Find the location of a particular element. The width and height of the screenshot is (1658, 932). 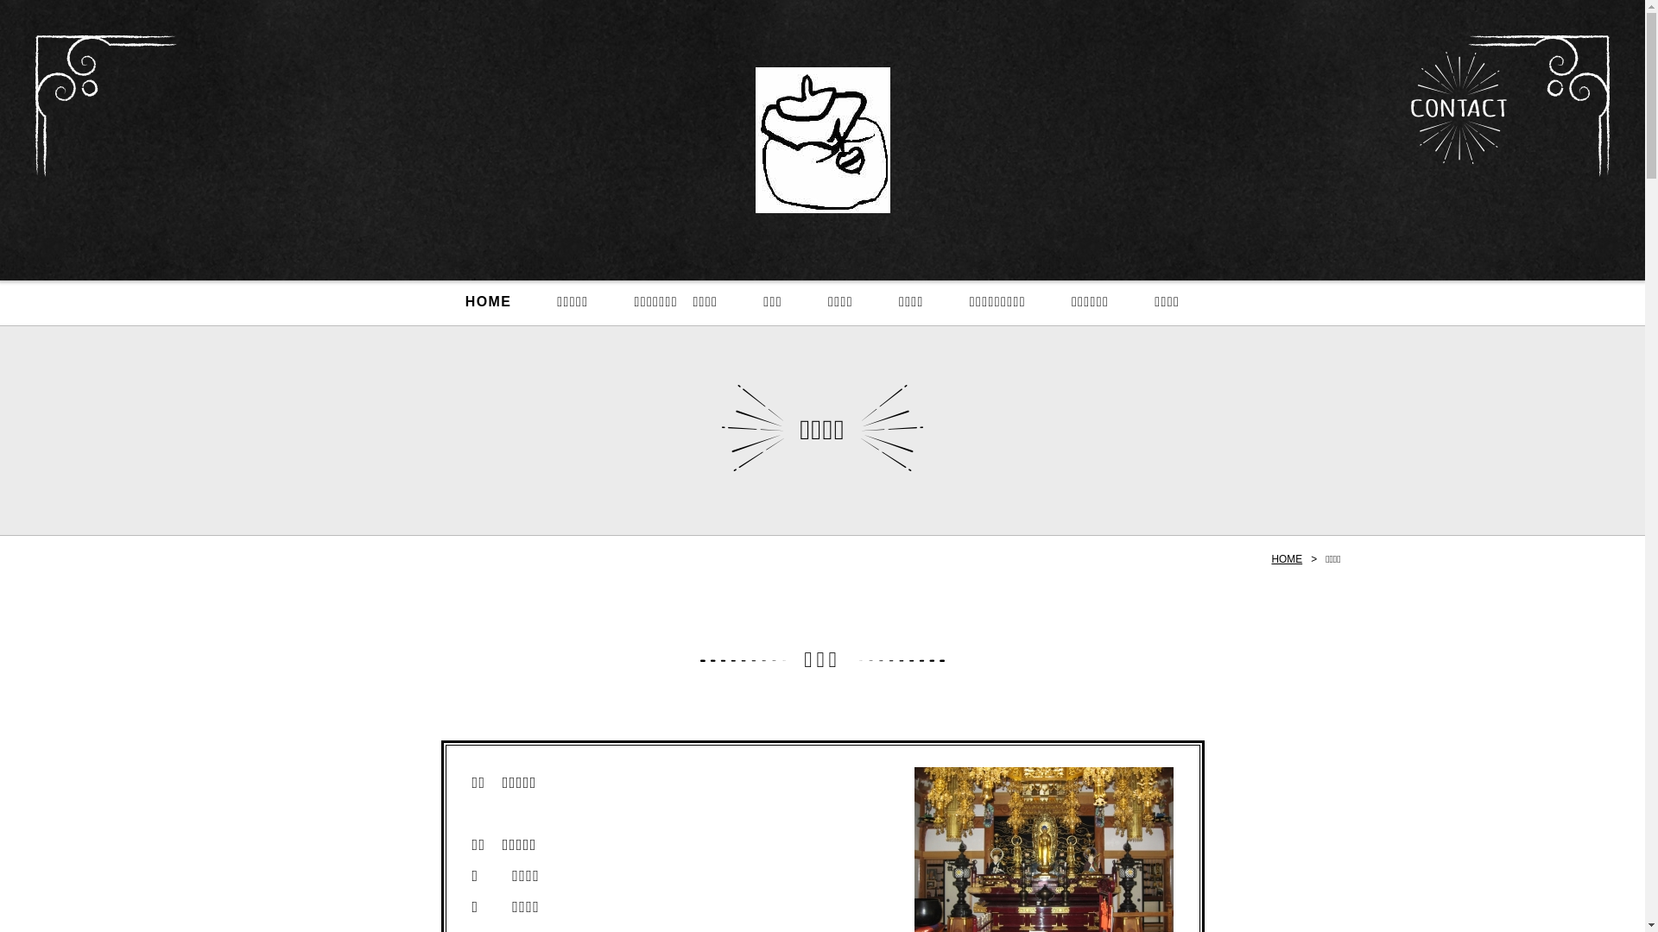

'CONTACT' is located at coordinates (1458, 107).